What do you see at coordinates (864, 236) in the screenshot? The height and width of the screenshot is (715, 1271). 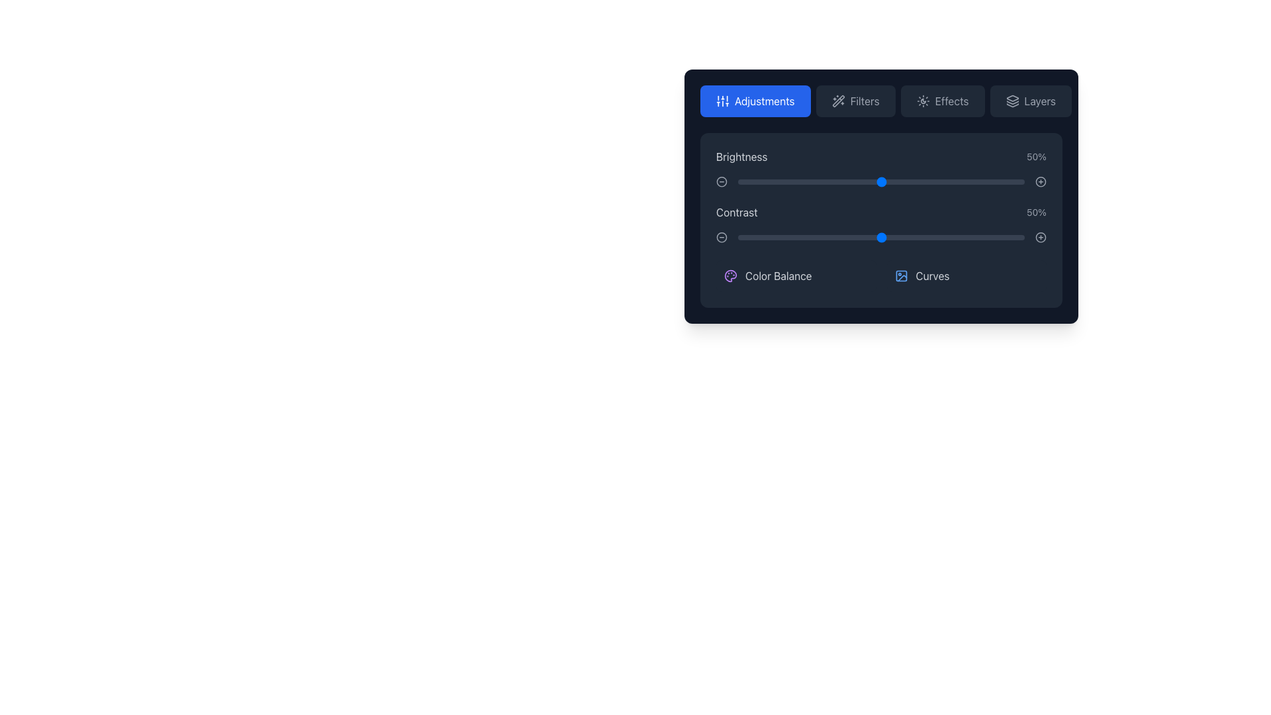 I see `contrast` at bounding box center [864, 236].